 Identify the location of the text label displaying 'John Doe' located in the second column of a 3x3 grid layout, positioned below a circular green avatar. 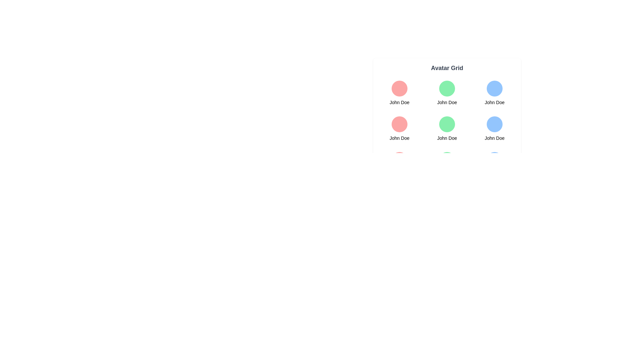
(447, 102).